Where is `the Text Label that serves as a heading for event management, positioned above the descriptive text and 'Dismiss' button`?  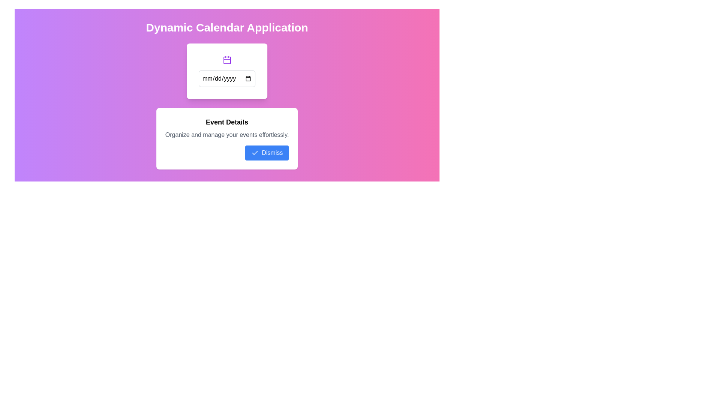 the Text Label that serves as a heading for event management, positioned above the descriptive text and 'Dismiss' button is located at coordinates (226, 122).